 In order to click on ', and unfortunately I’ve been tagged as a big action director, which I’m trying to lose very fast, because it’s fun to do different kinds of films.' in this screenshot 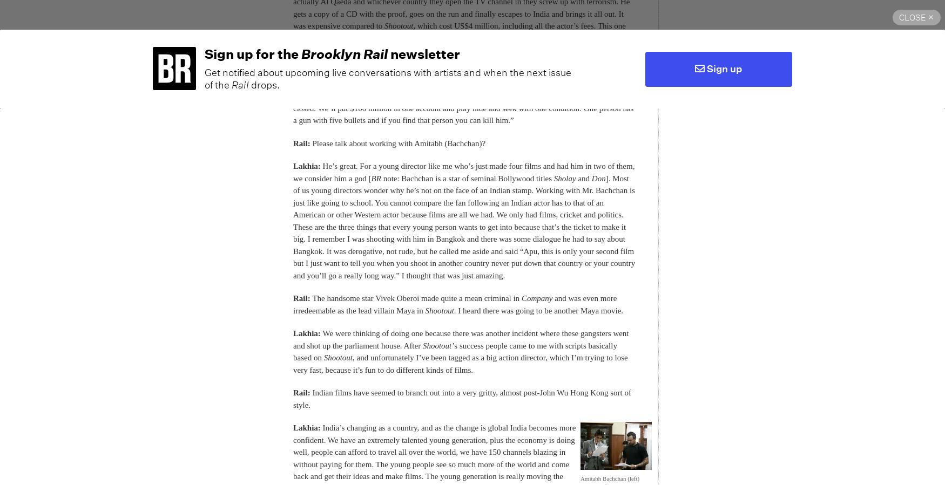, I will do `click(460, 363)`.